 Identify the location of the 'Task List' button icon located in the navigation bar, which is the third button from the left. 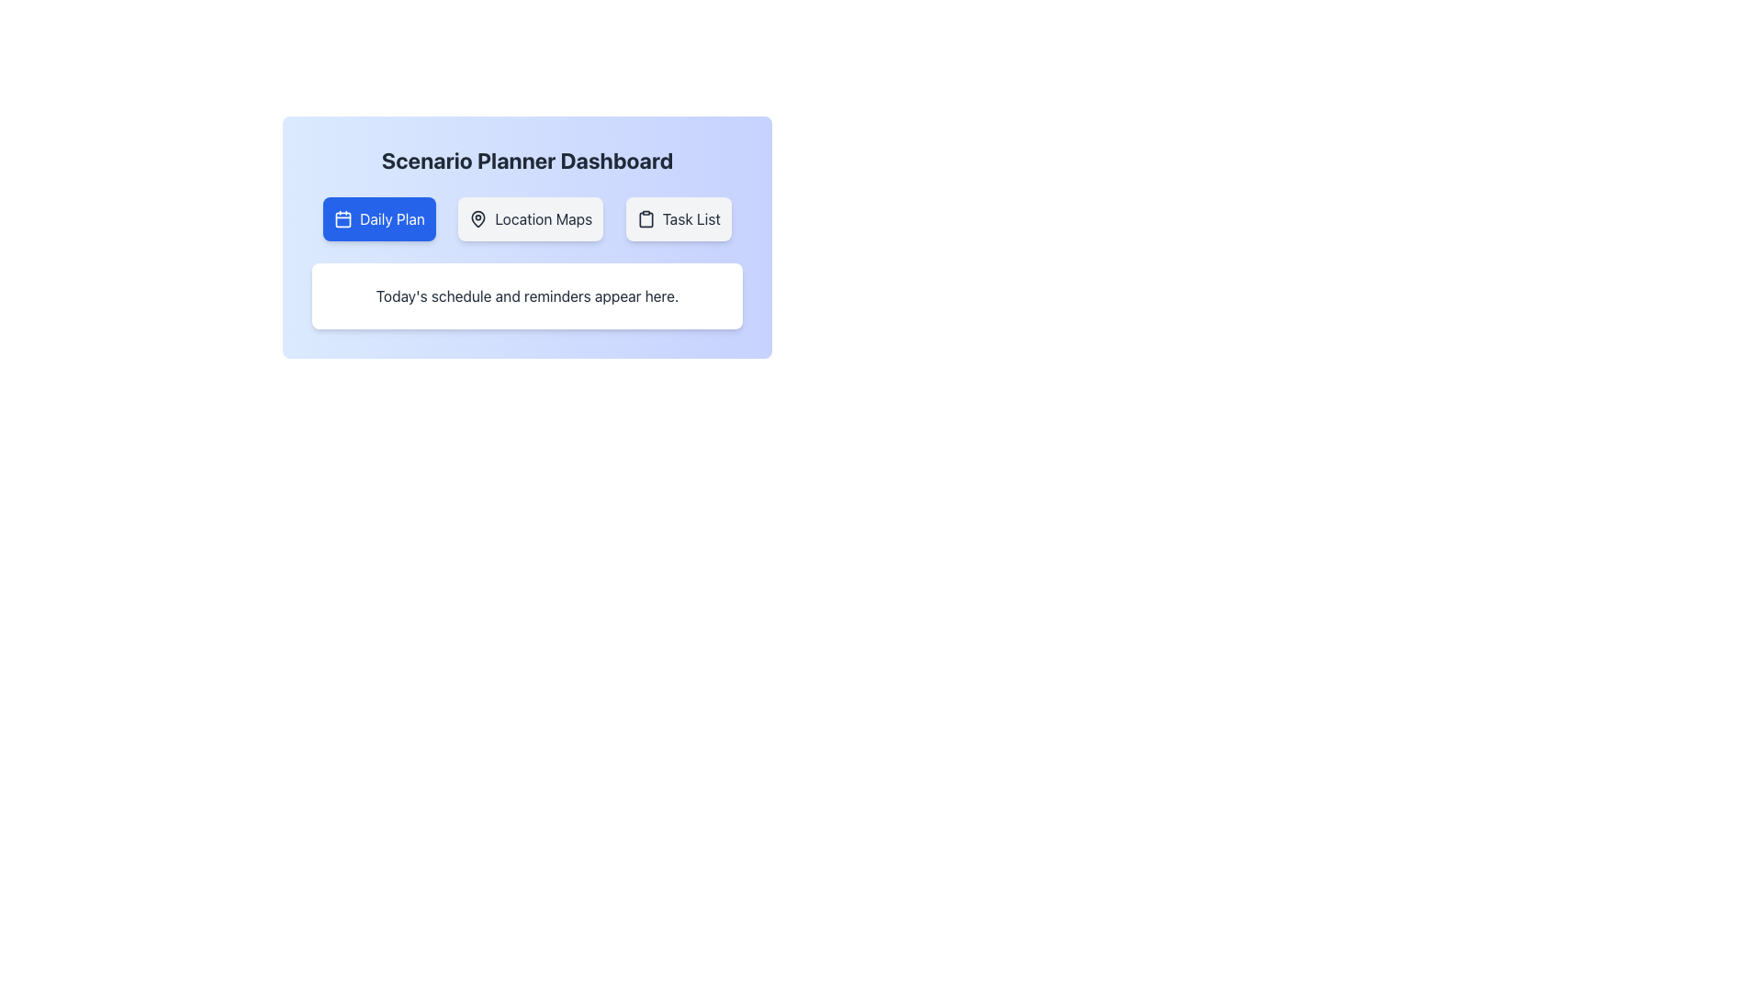
(646, 218).